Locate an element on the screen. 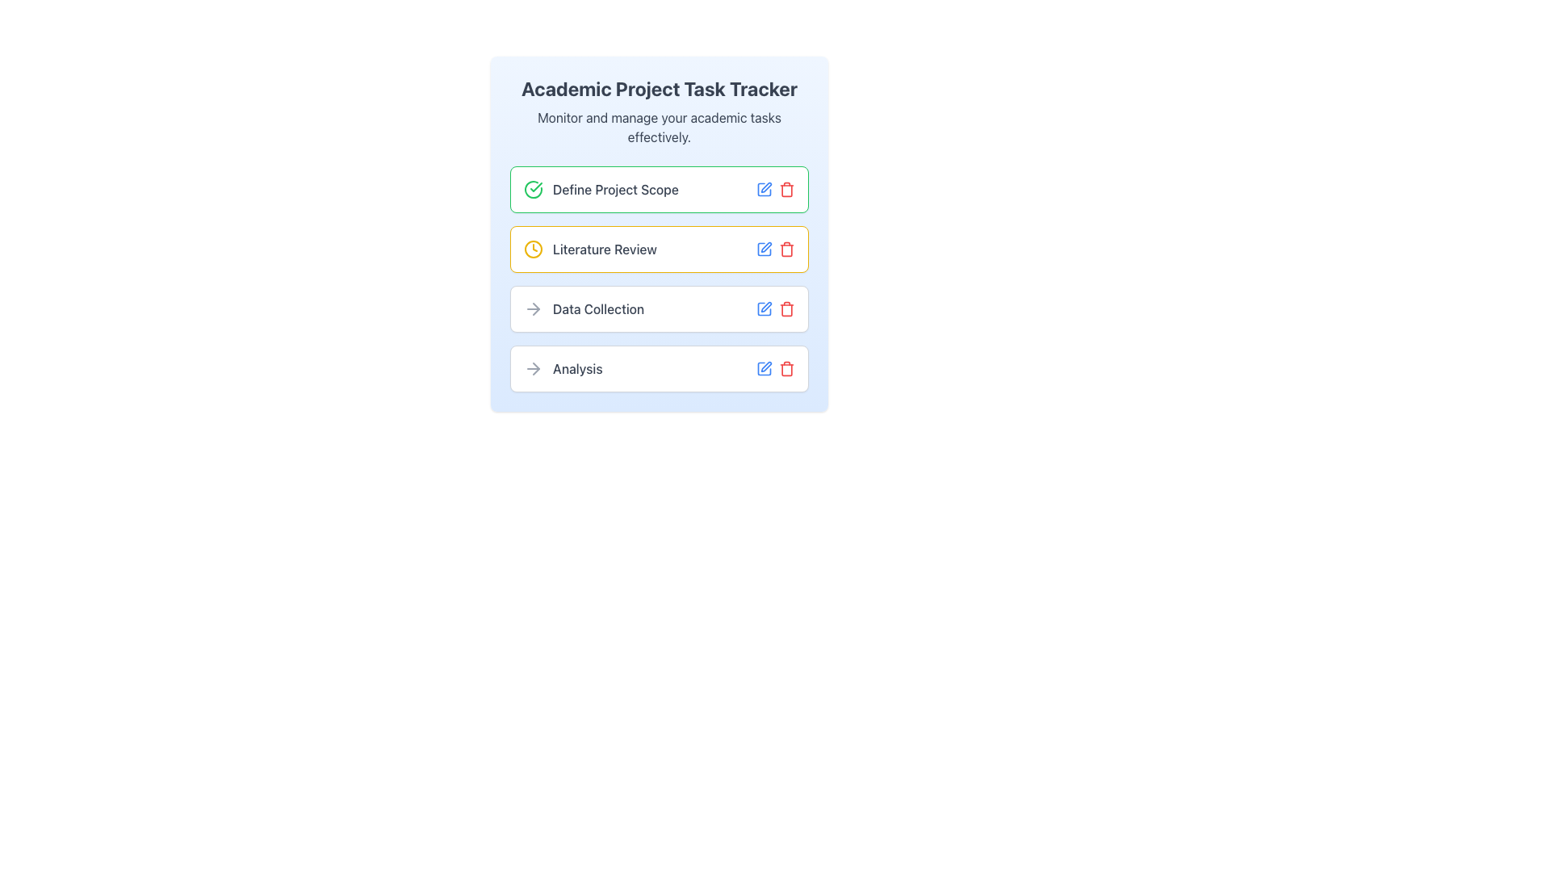  the delete icon element, part of the SVG illustration, which is located to the right of the 'Literature Review' label in the list is located at coordinates (786, 249).